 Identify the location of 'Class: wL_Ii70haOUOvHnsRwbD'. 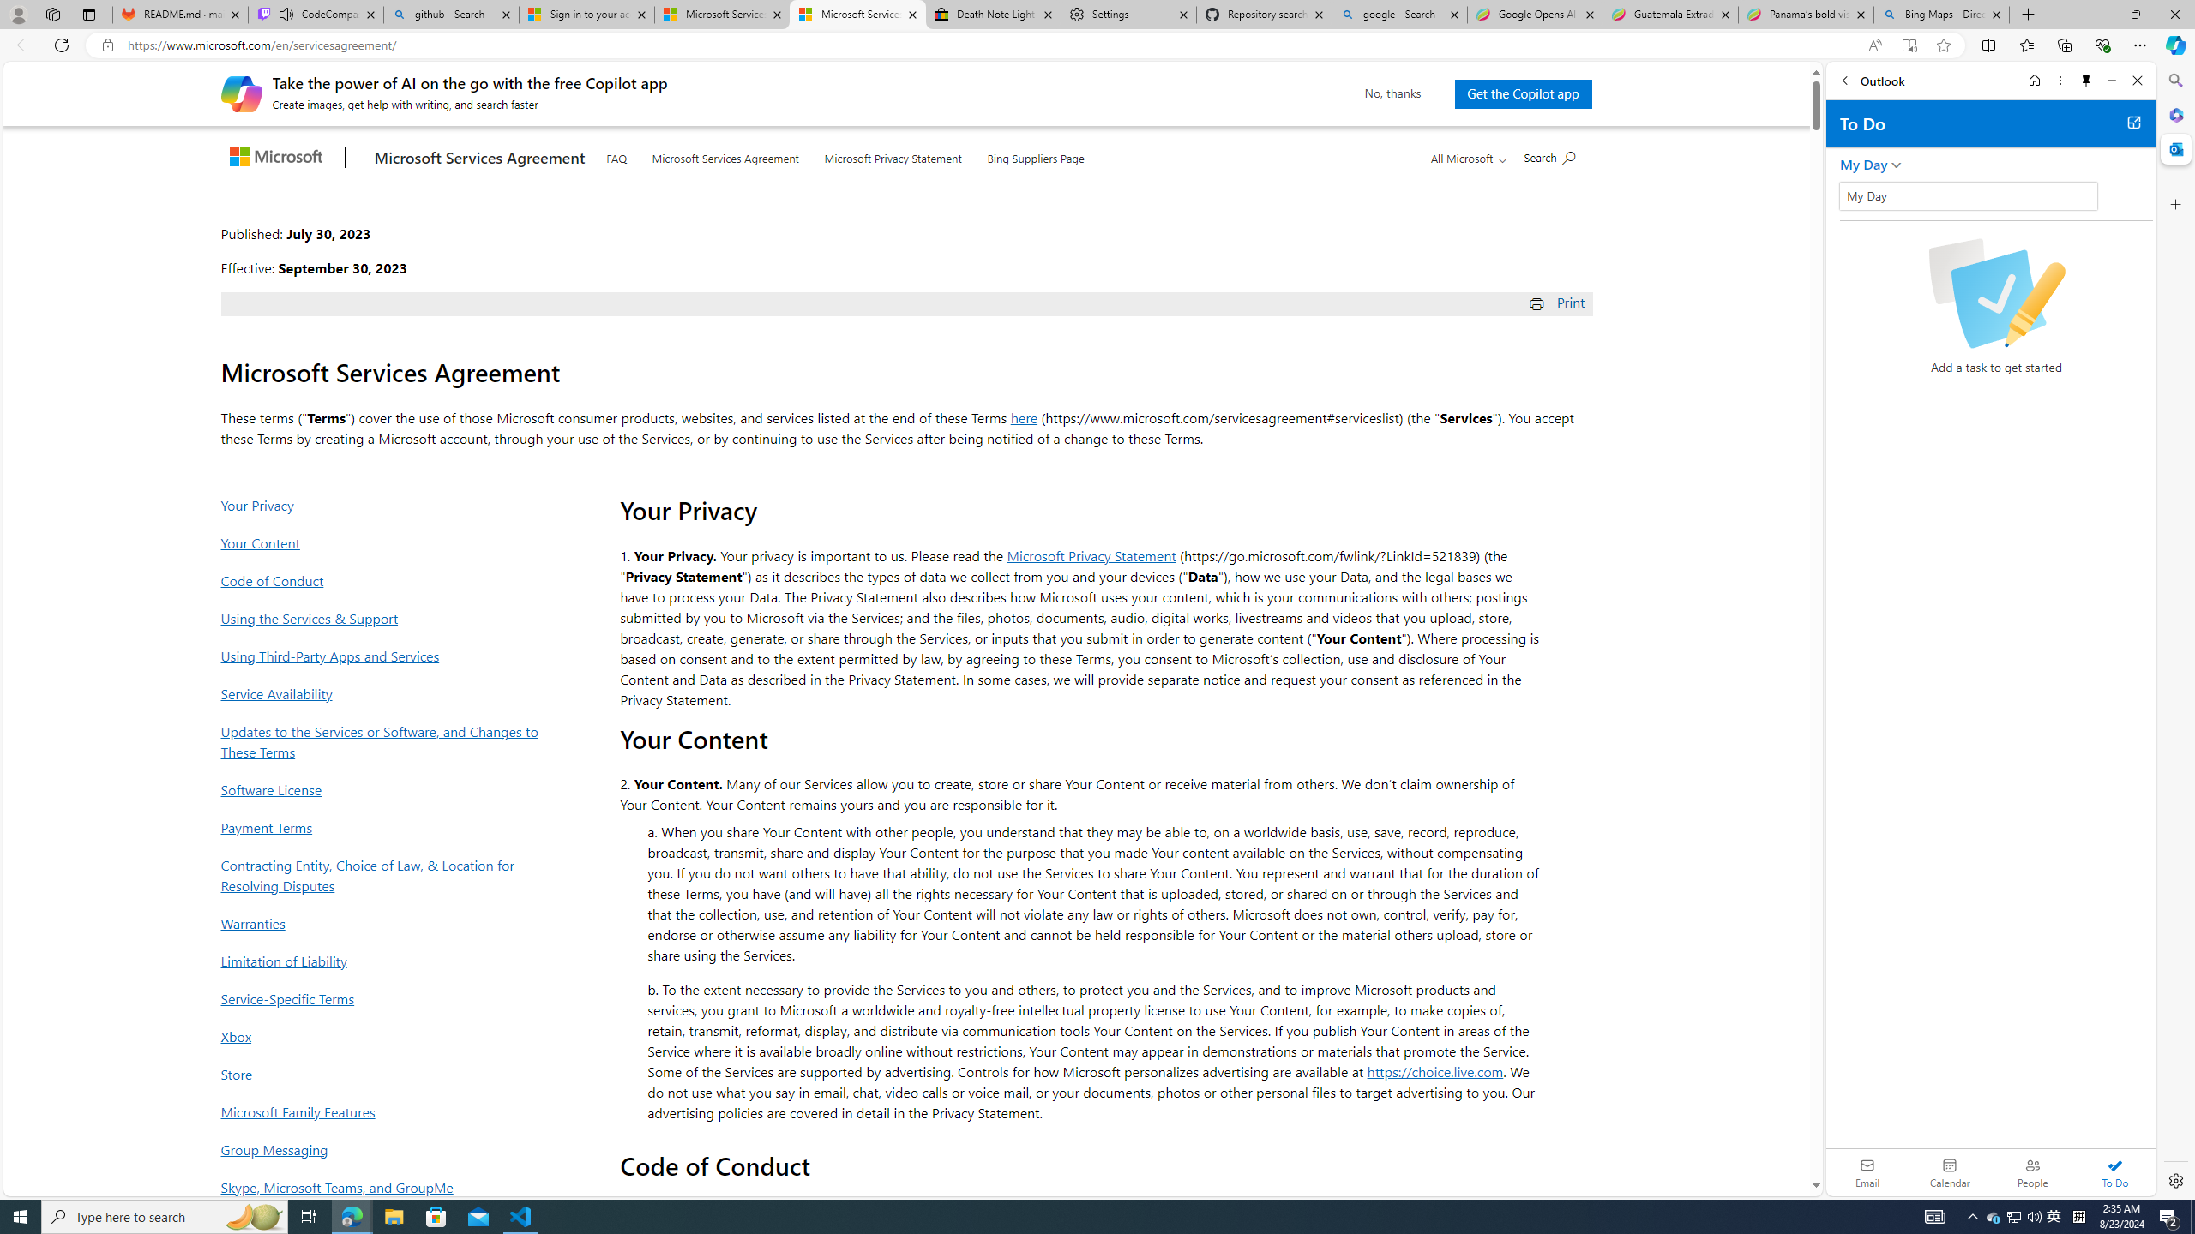
(1968, 195).